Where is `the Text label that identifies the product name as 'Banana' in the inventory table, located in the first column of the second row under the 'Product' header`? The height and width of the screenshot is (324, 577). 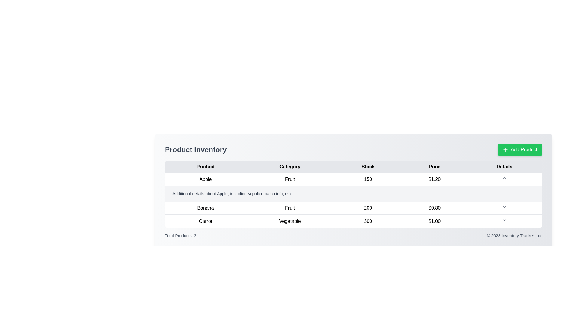 the Text label that identifies the product name as 'Banana' in the inventory table, located in the first column of the second row under the 'Product' header is located at coordinates (205, 208).